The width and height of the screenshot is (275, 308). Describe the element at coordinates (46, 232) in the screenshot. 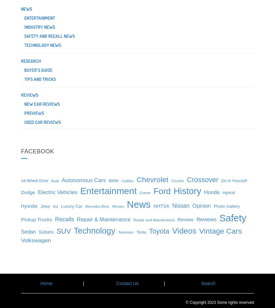

I see `'Subaru'` at that location.